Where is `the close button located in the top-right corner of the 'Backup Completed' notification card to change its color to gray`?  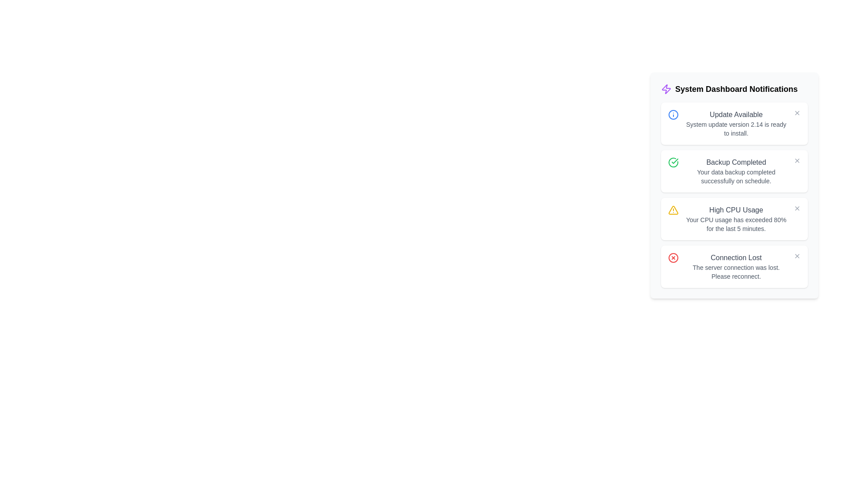 the close button located in the top-right corner of the 'Backup Completed' notification card to change its color to gray is located at coordinates (797, 160).